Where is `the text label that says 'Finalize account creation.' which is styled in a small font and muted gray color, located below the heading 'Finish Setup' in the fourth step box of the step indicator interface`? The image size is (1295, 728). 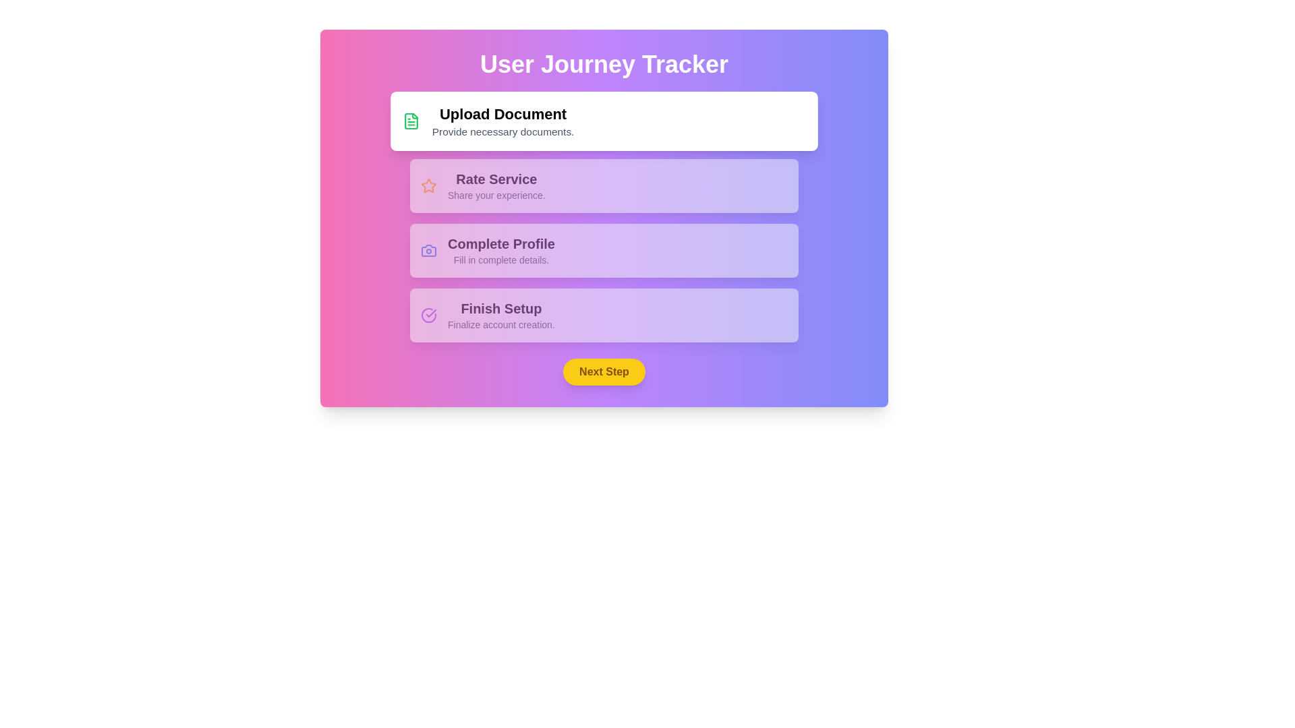 the text label that says 'Finalize account creation.' which is styled in a small font and muted gray color, located below the heading 'Finish Setup' in the fourth step box of the step indicator interface is located at coordinates (500, 325).